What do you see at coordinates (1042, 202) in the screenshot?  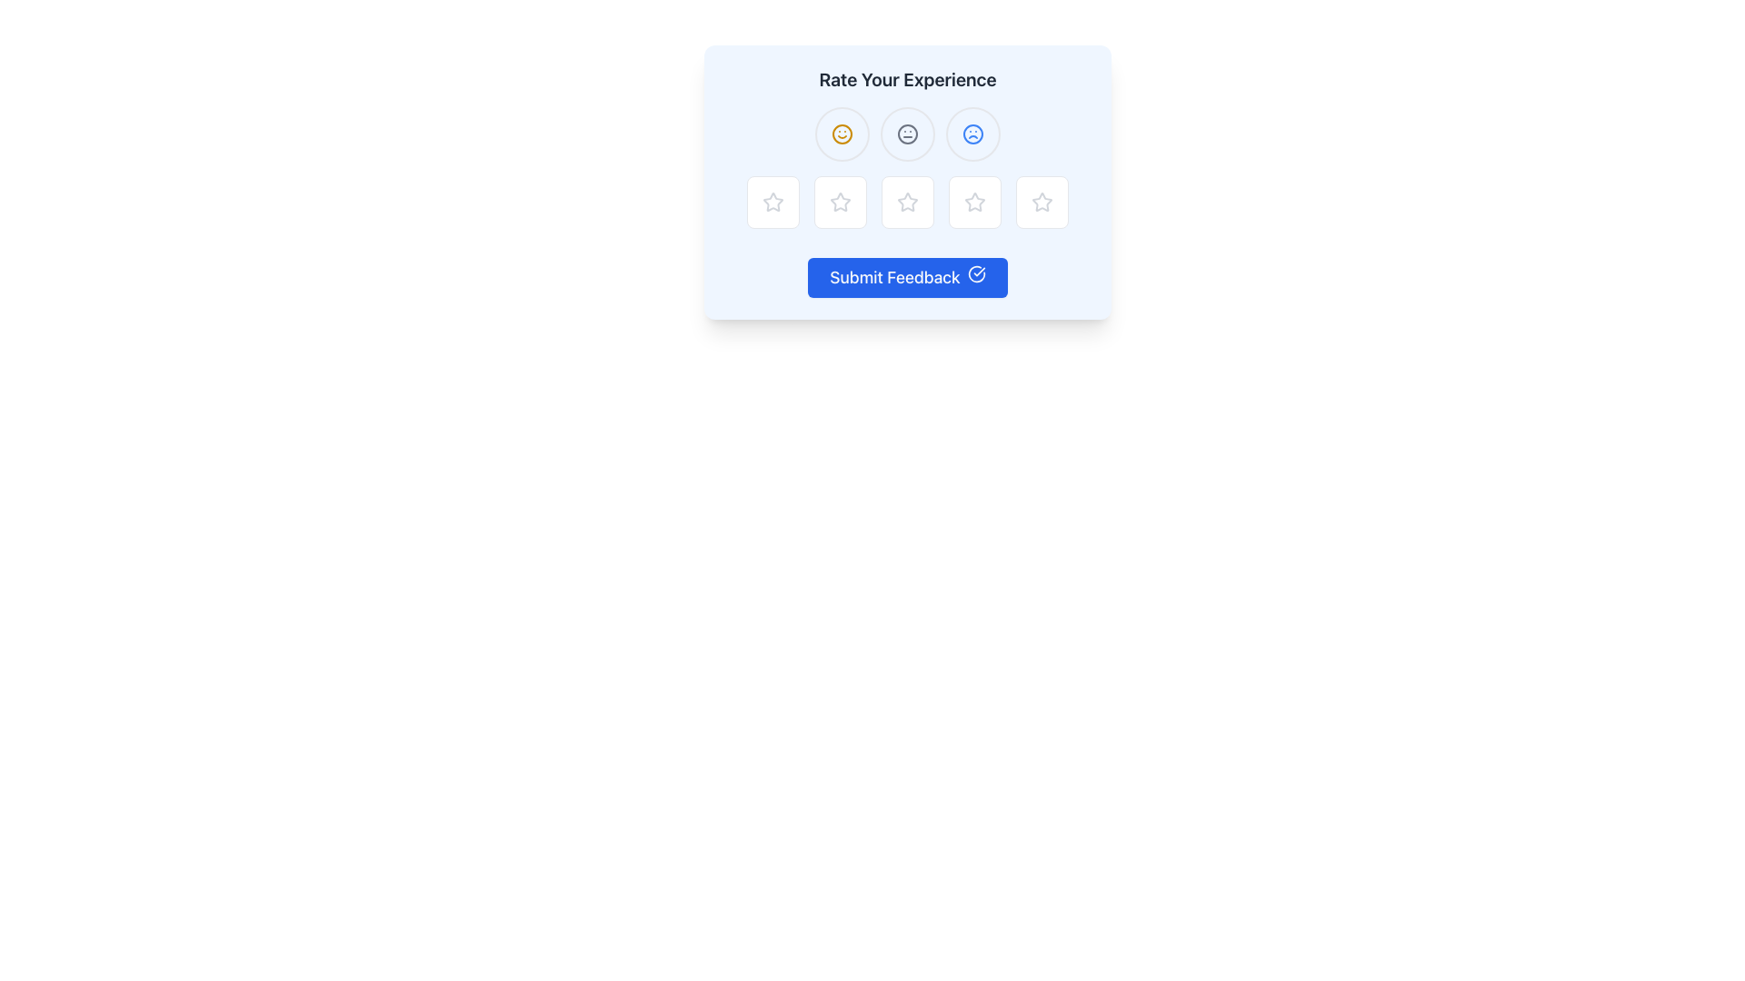 I see `the fifth star icon with a gray outline in the rating component` at bounding box center [1042, 202].